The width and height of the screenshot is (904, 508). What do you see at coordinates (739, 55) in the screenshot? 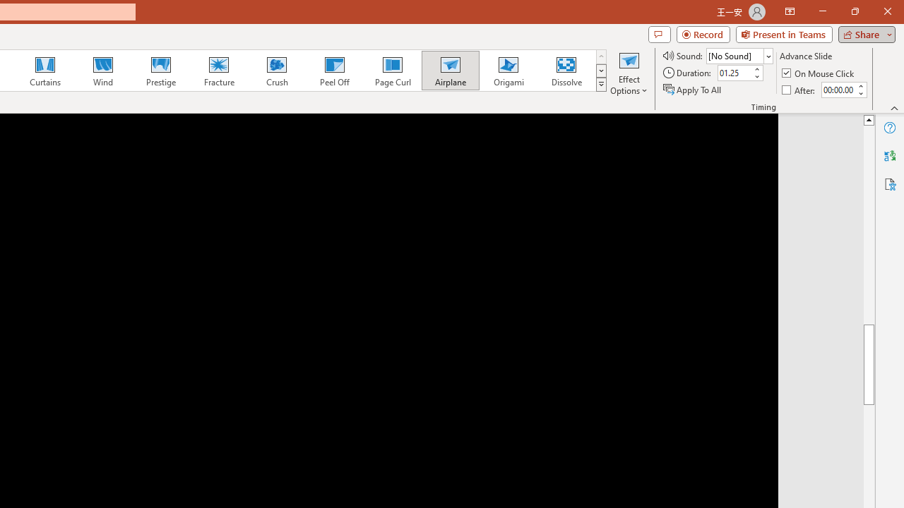
I see `'Sound'` at bounding box center [739, 55].